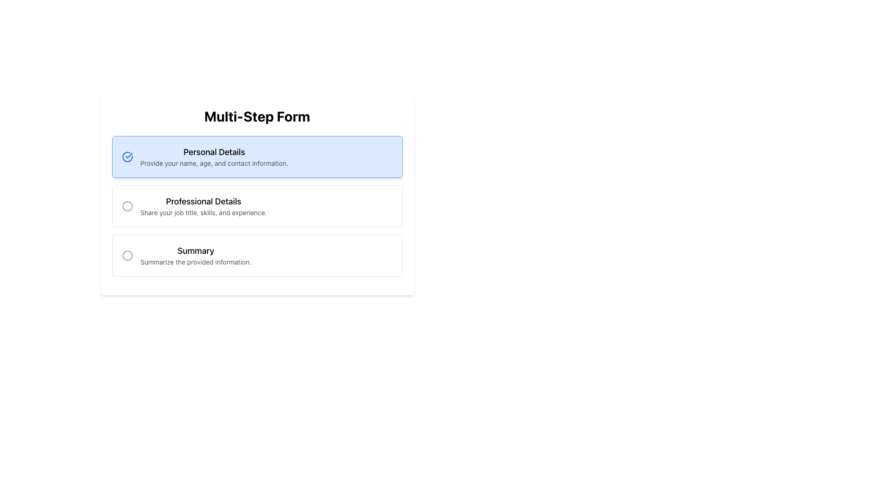  I want to click on the 'Personal Details' section, so click(257, 156).